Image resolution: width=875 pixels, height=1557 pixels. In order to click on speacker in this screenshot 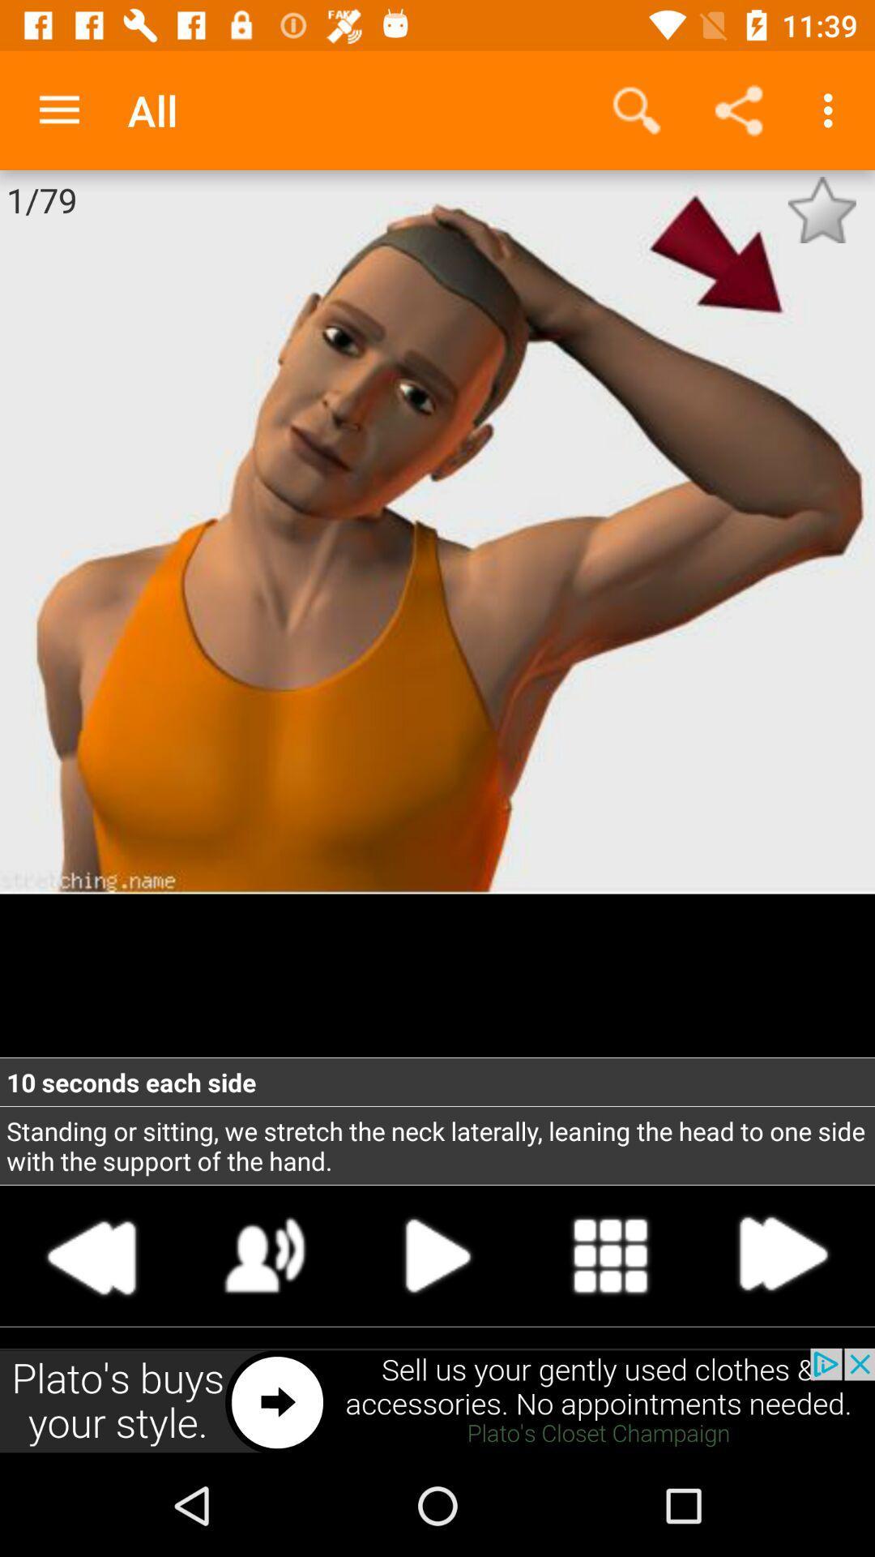, I will do `click(264, 1255)`.